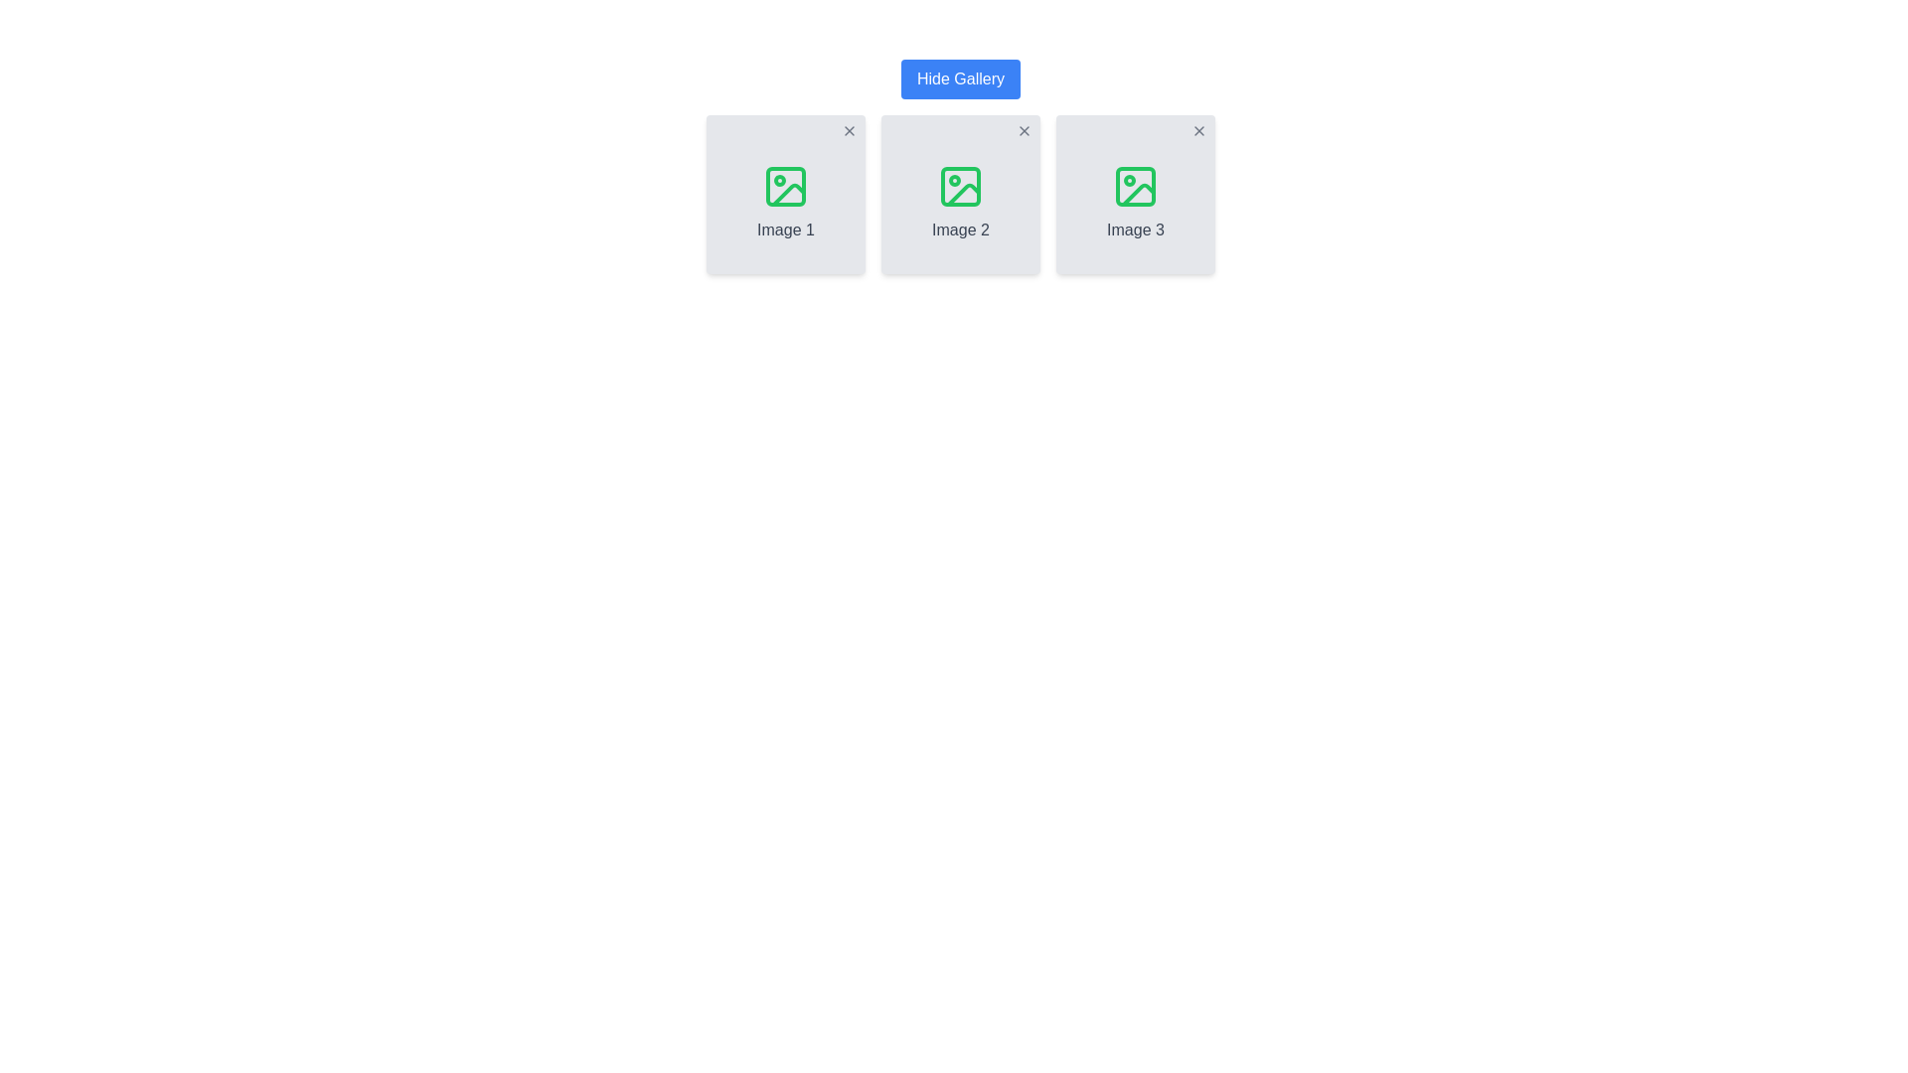  Describe the element at coordinates (1197, 130) in the screenshot. I see `the small square button with a gray cross ('X') symbol in the top-right corner of the 'Image 3' card` at that location.